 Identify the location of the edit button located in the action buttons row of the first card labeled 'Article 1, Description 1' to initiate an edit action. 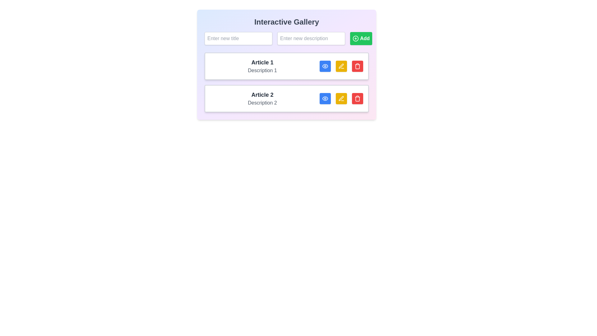
(341, 66).